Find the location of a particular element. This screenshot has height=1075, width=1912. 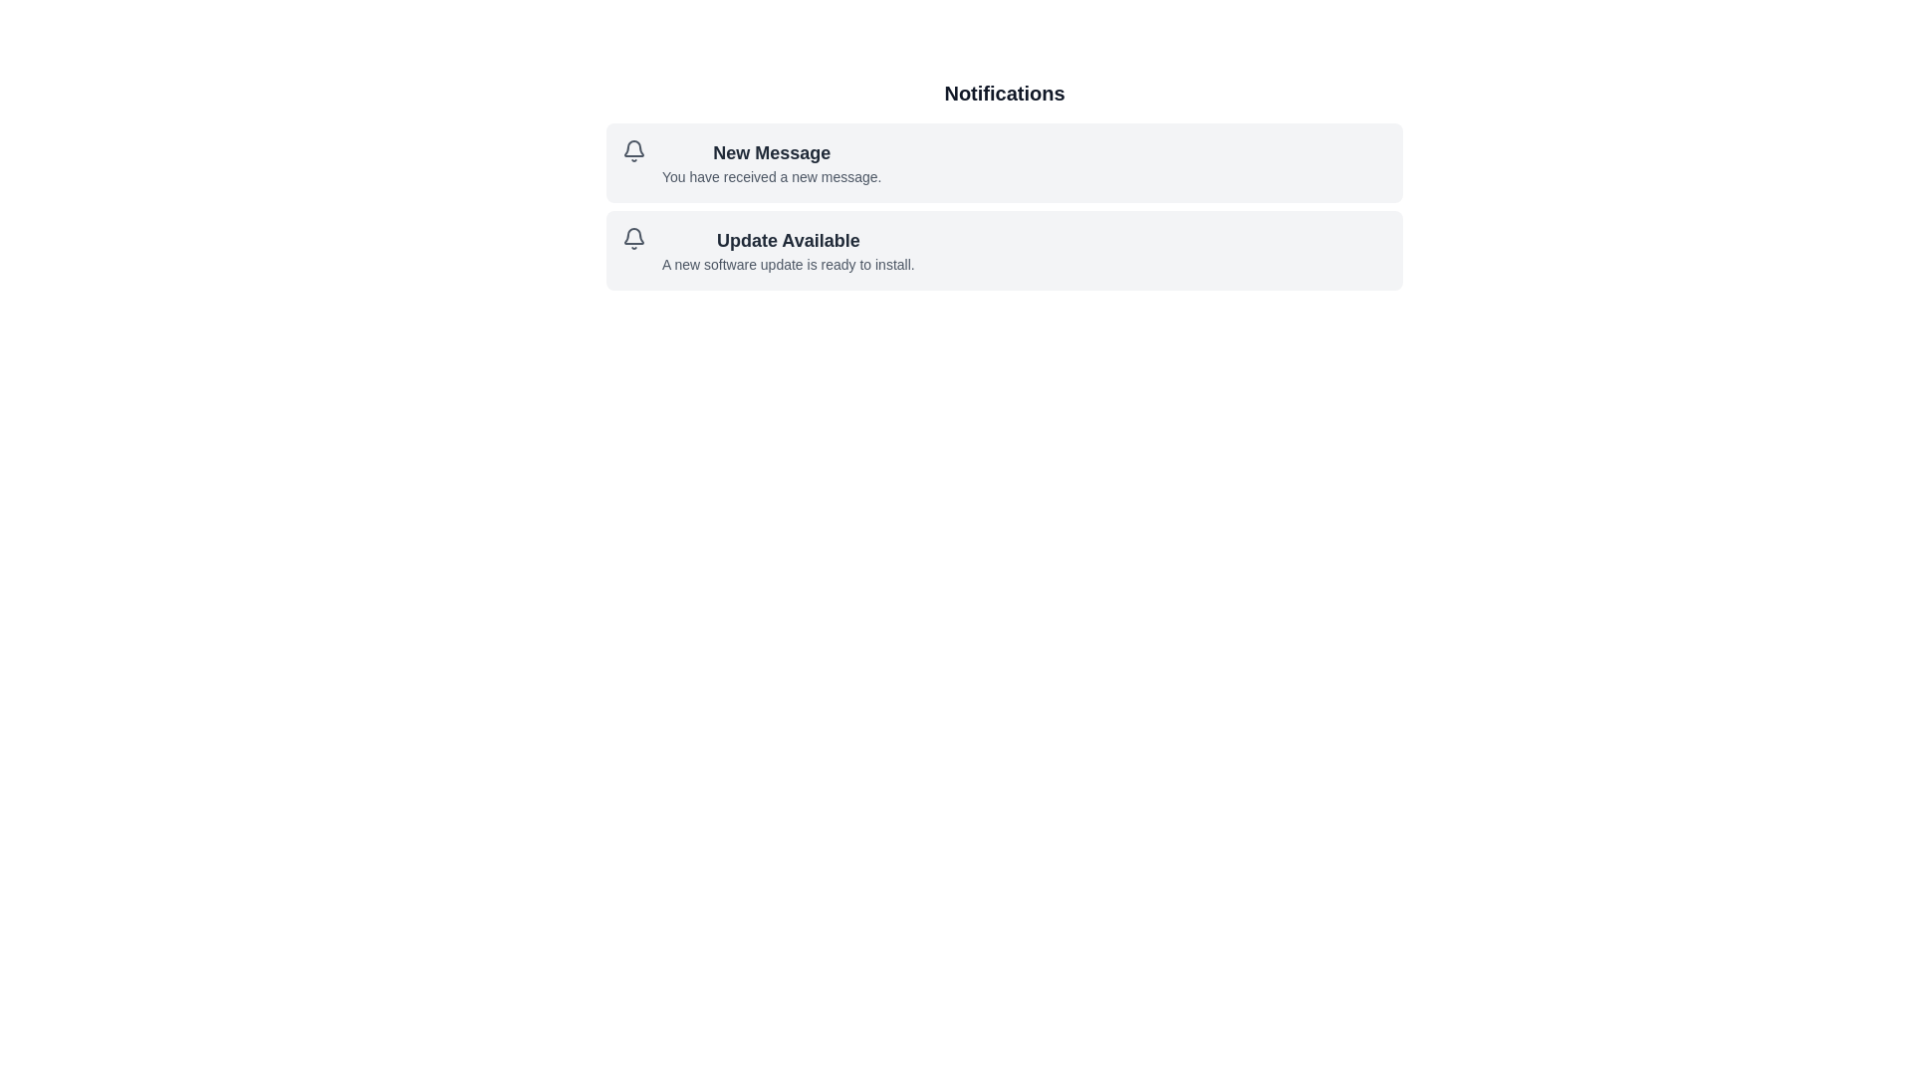

the Text Header element, which serves as the title for the notifications section, located at the top of the Notifications section is located at coordinates (1004, 93).